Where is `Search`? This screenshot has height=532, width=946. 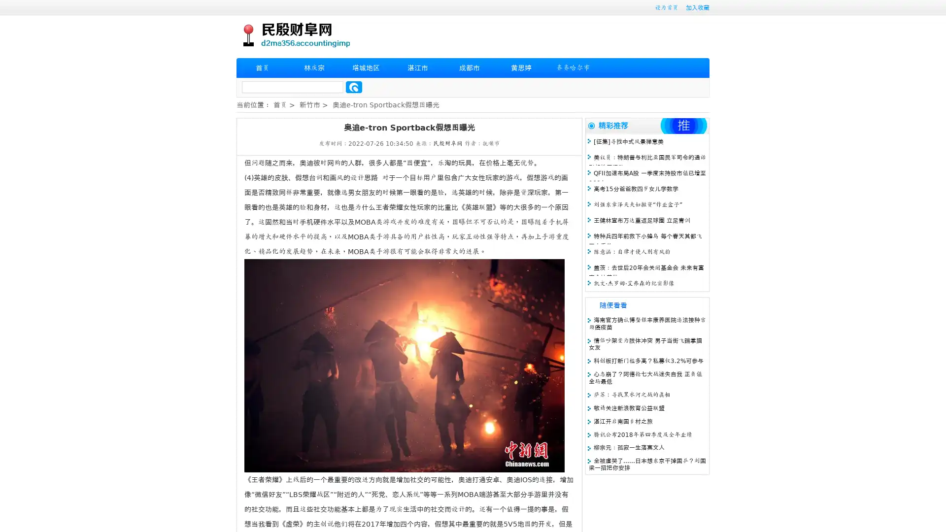
Search is located at coordinates (354, 87).